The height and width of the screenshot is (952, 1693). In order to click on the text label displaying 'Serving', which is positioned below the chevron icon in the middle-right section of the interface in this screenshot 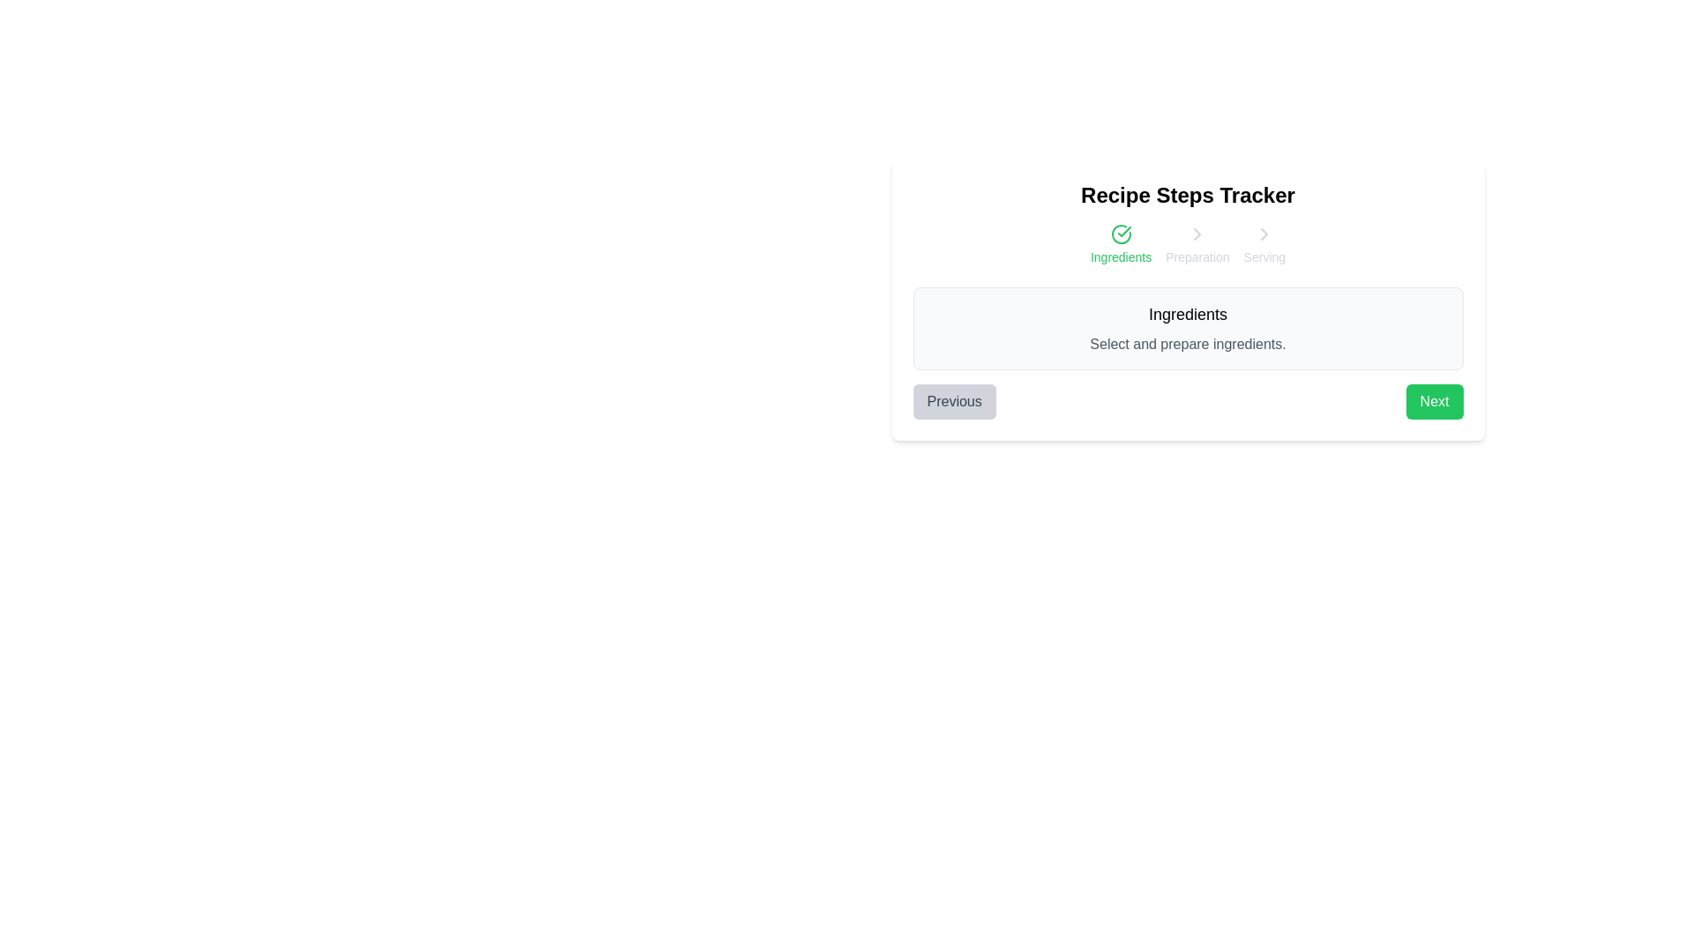, I will do `click(1264, 257)`.